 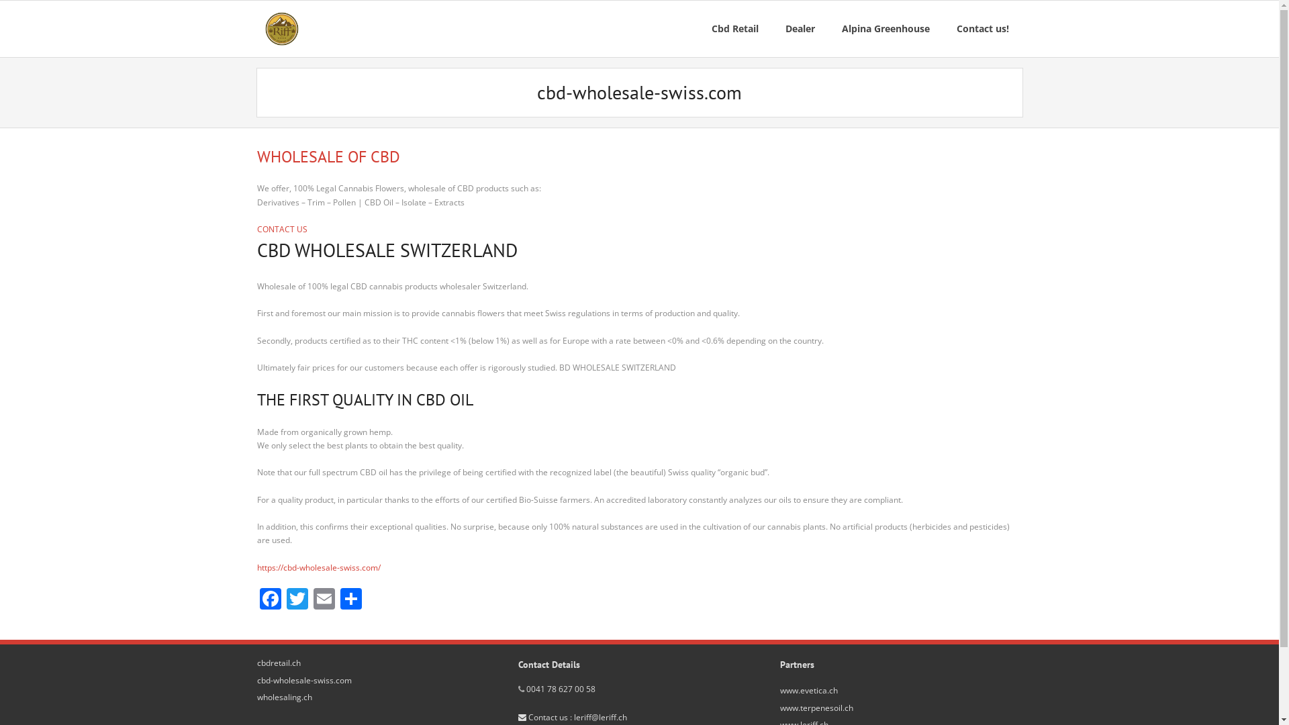 What do you see at coordinates (283, 696) in the screenshot?
I see `'wholesaling.ch'` at bounding box center [283, 696].